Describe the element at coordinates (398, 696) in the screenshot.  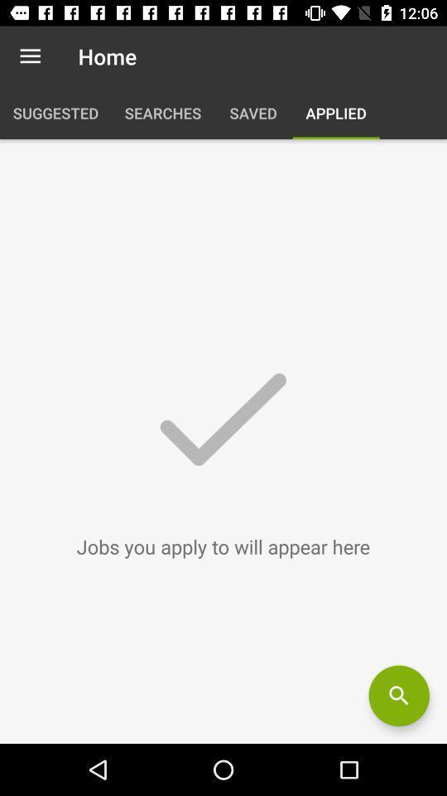
I see `the search icon` at that location.